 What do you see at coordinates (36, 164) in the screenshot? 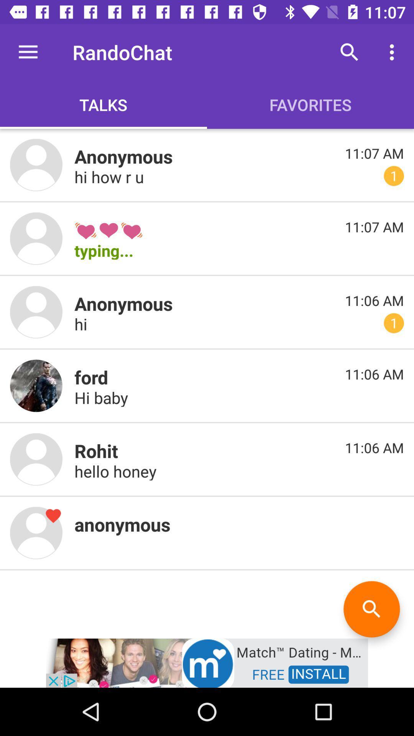
I see `see photo` at bounding box center [36, 164].